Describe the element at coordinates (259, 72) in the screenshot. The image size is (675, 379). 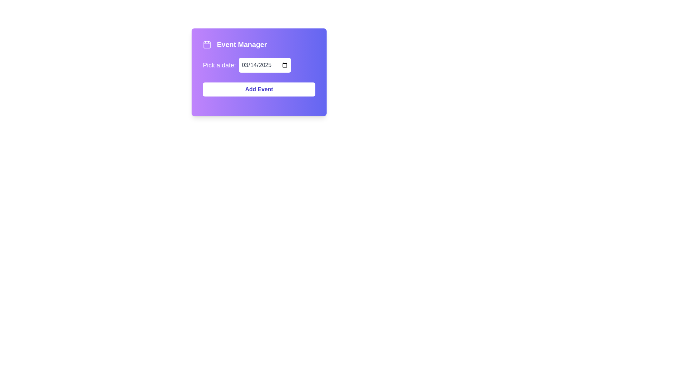
I see `a date from the date picker within the event manager interface, which contains a text title, a date picker input, and an 'Add Event' button` at that location.